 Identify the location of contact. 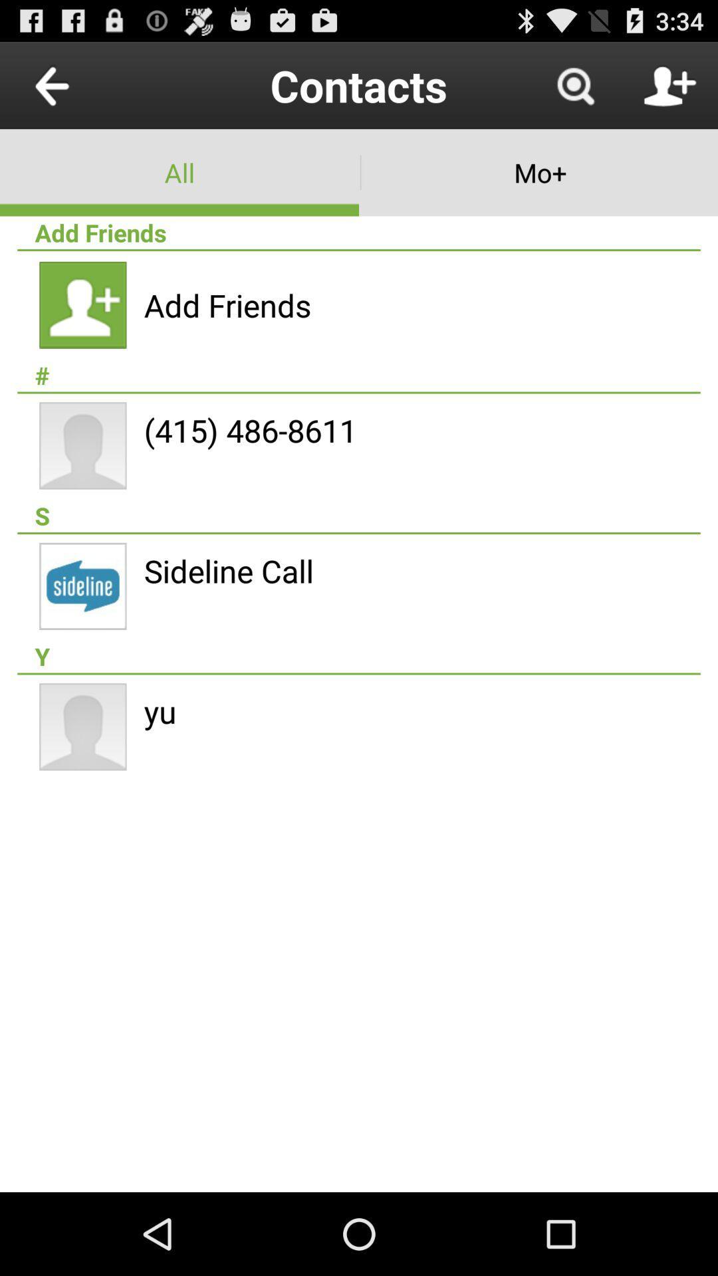
(669, 84).